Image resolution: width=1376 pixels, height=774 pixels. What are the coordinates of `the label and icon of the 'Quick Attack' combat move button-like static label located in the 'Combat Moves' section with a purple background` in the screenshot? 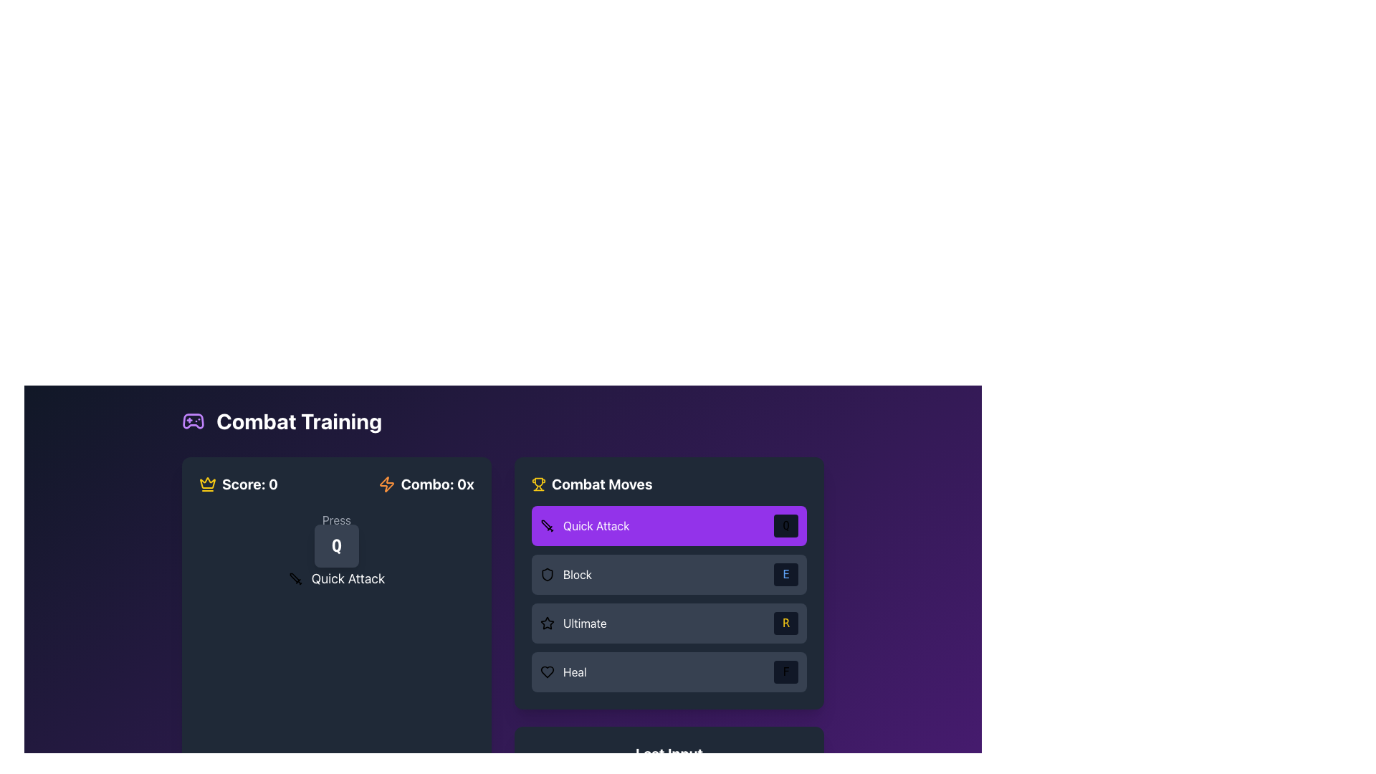 It's located at (585, 525).